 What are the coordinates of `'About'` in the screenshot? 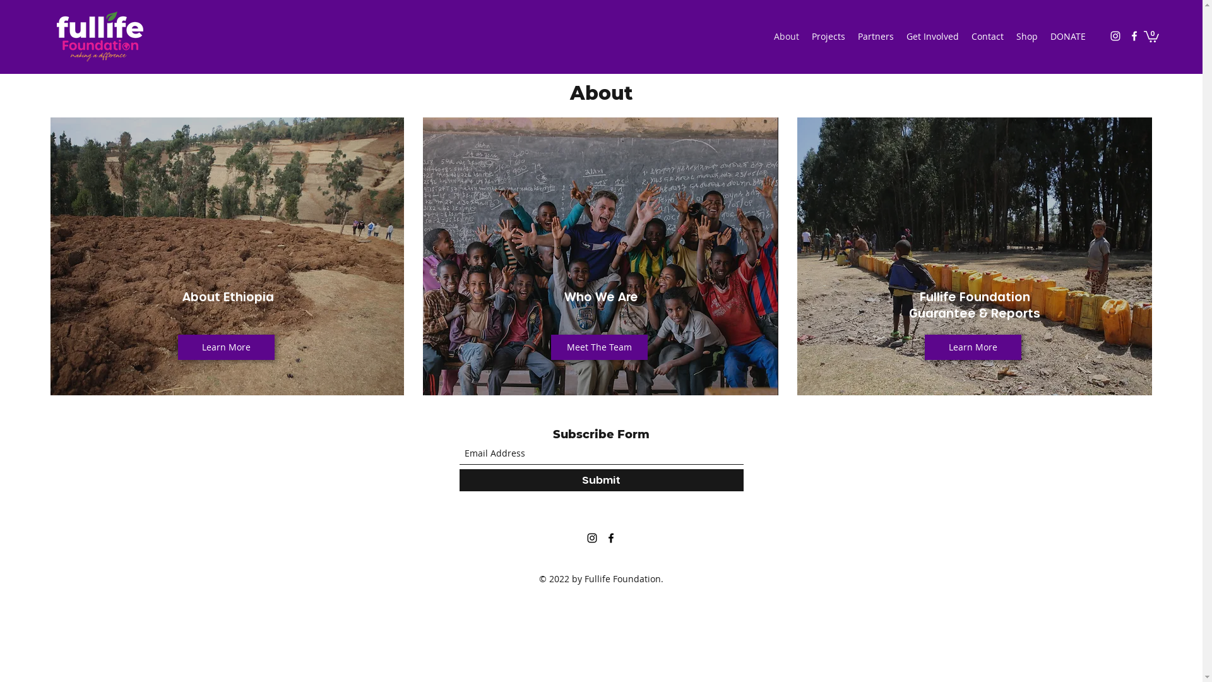 It's located at (786, 35).